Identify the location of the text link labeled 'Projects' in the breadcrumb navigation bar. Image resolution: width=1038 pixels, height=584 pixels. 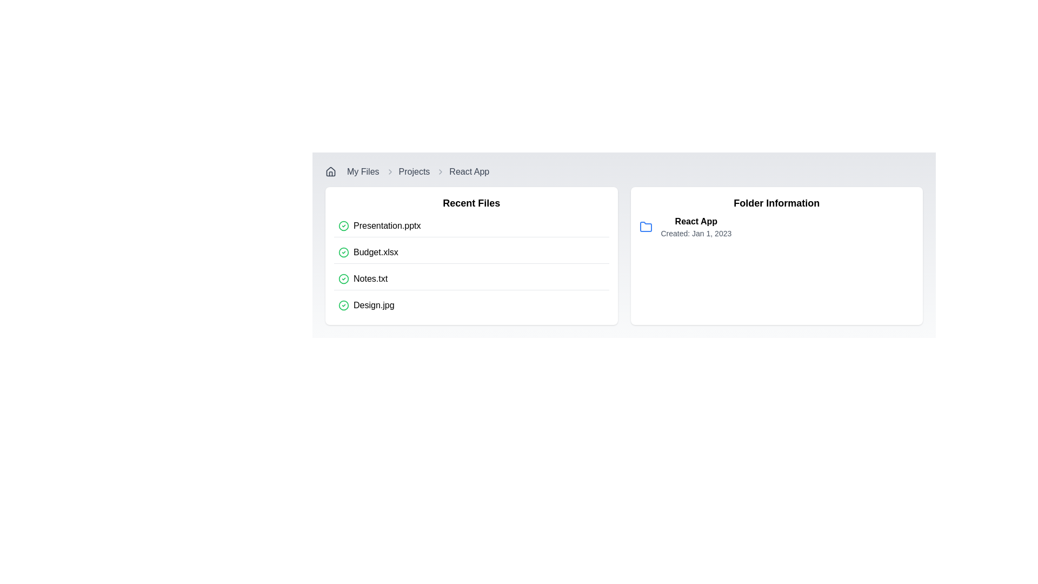
(414, 171).